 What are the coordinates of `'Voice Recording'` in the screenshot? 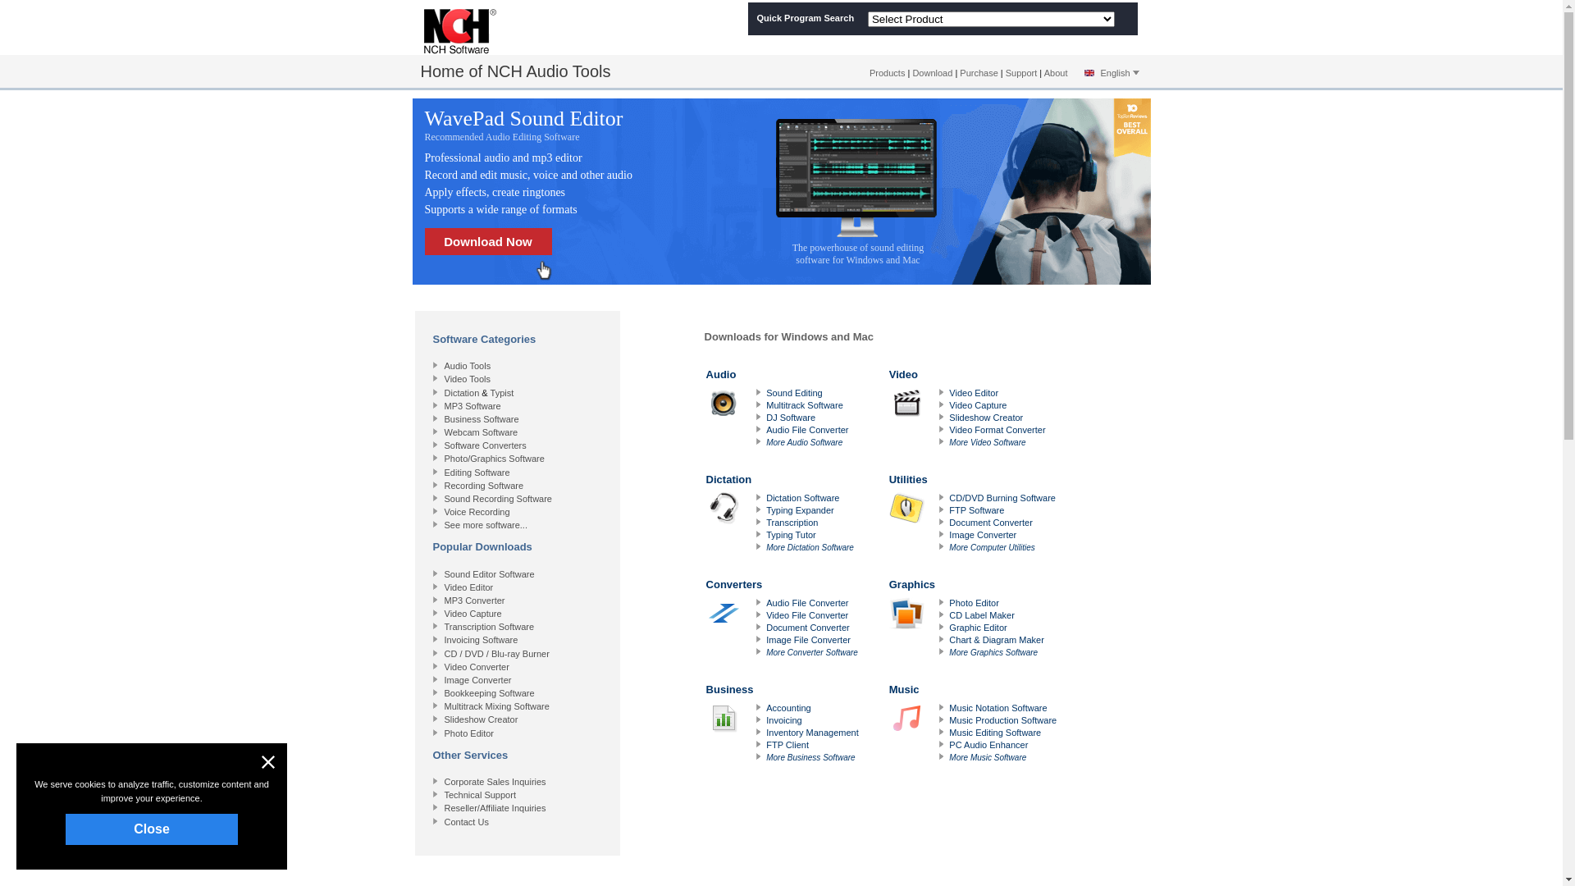 It's located at (476, 511).